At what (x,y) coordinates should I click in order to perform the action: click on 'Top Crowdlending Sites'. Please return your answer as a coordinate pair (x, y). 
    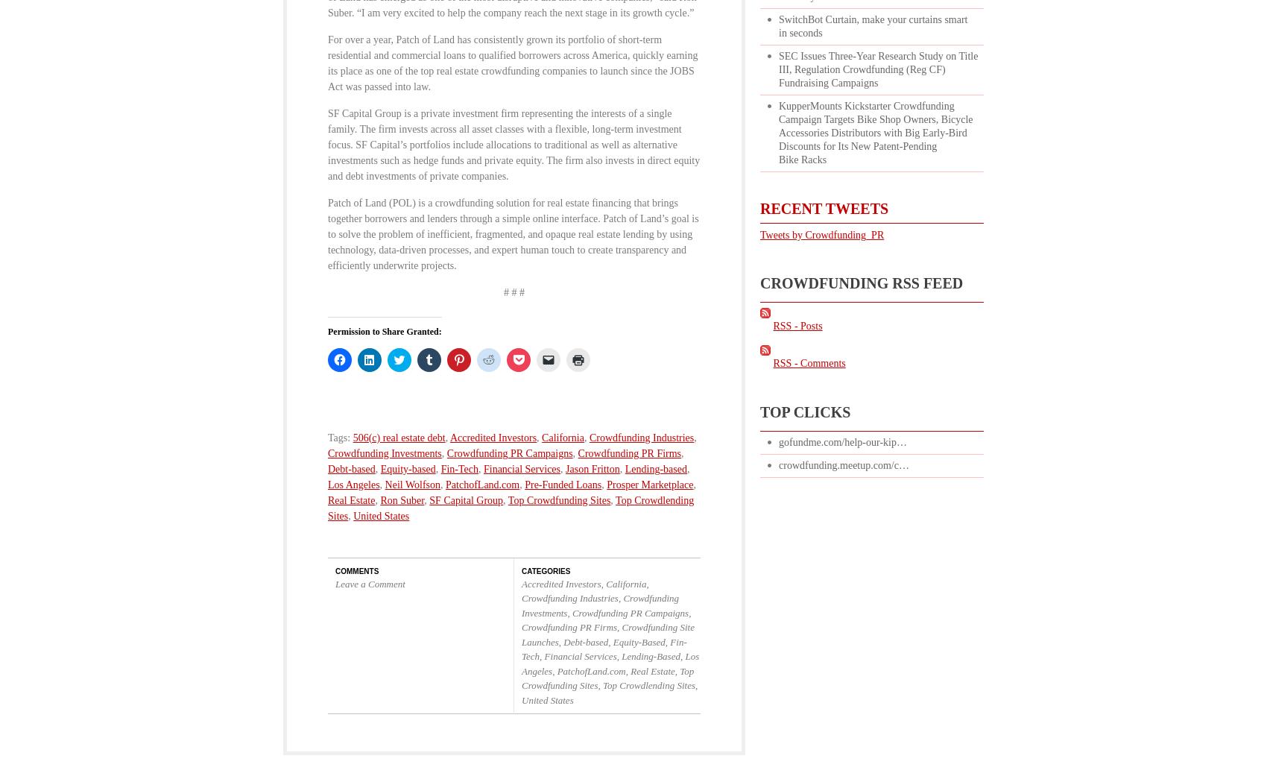
    Looking at the image, I should click on (511, 507).